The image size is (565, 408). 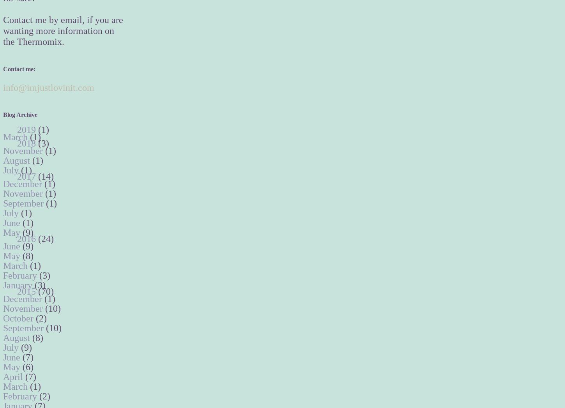 What do you see at coordinates (3, 114) in the screenshot?
I see `'Blog Archive'` at bounding box center [3, 114].